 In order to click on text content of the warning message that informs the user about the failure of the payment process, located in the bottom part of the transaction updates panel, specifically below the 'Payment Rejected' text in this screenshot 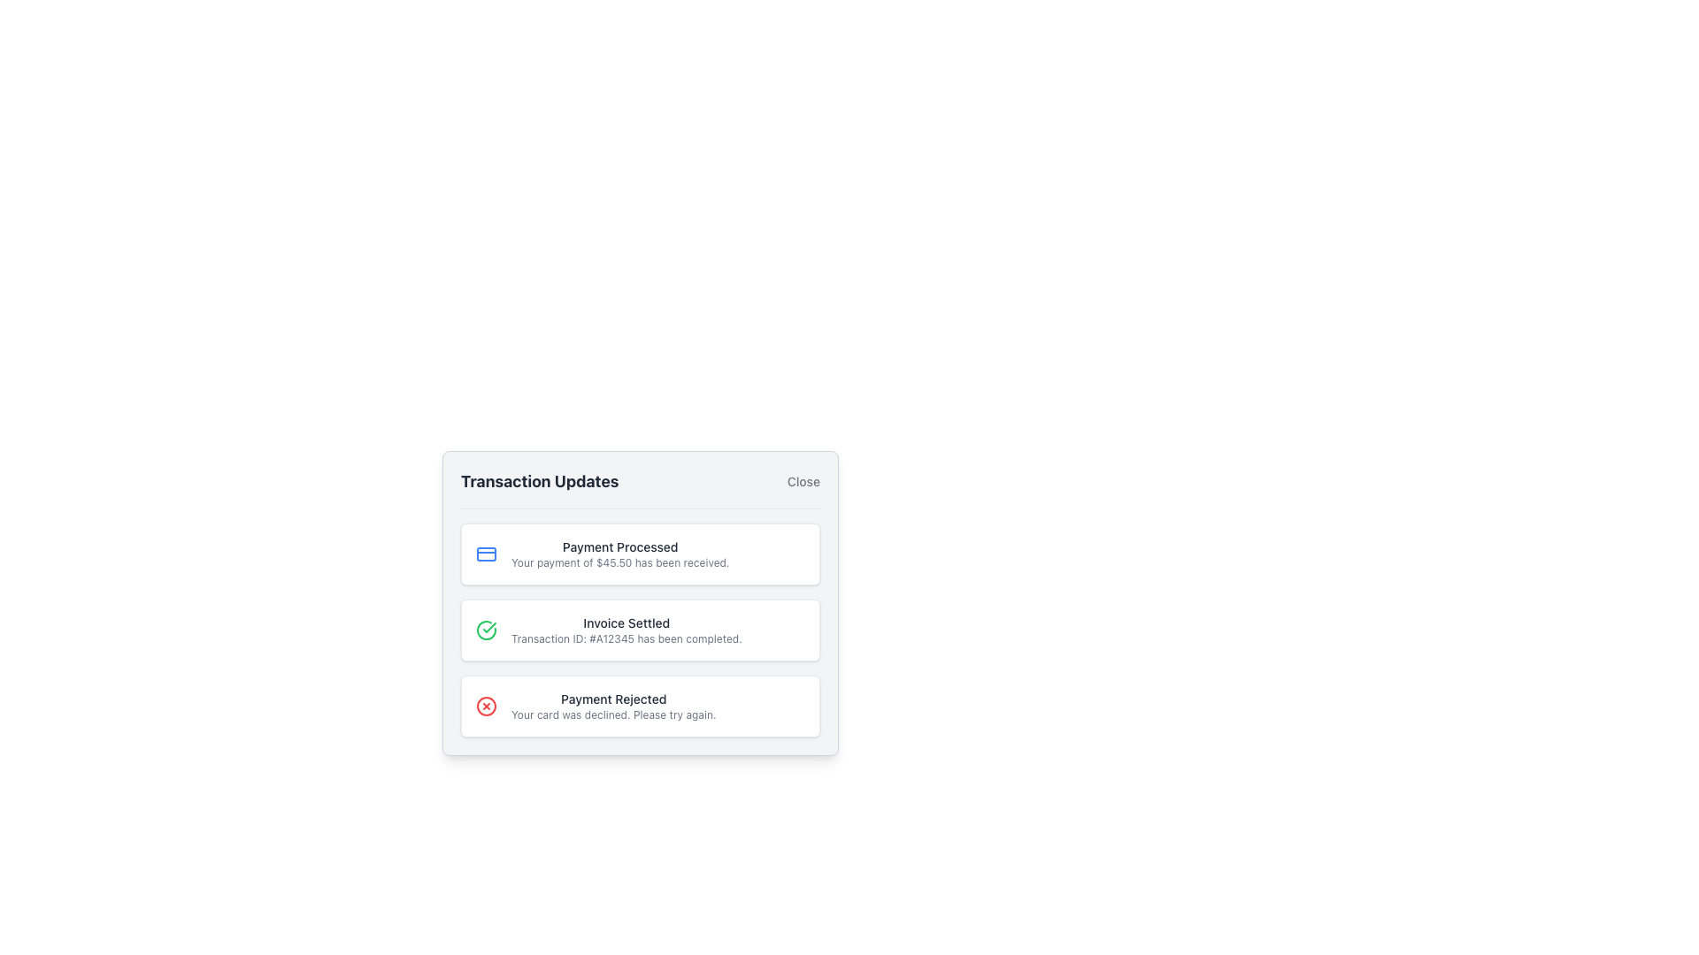, I will do `click(613, 714)`.